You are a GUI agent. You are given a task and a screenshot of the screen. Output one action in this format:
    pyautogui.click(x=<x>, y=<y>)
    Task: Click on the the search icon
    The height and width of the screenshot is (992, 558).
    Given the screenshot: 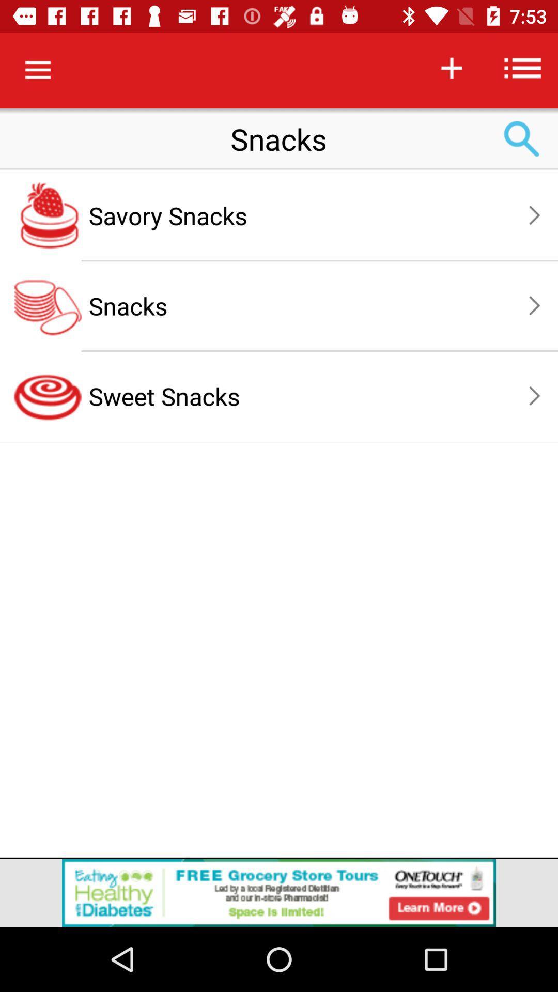 What is the action you would take?
    pyautogui.click(x=522, y=138)
    